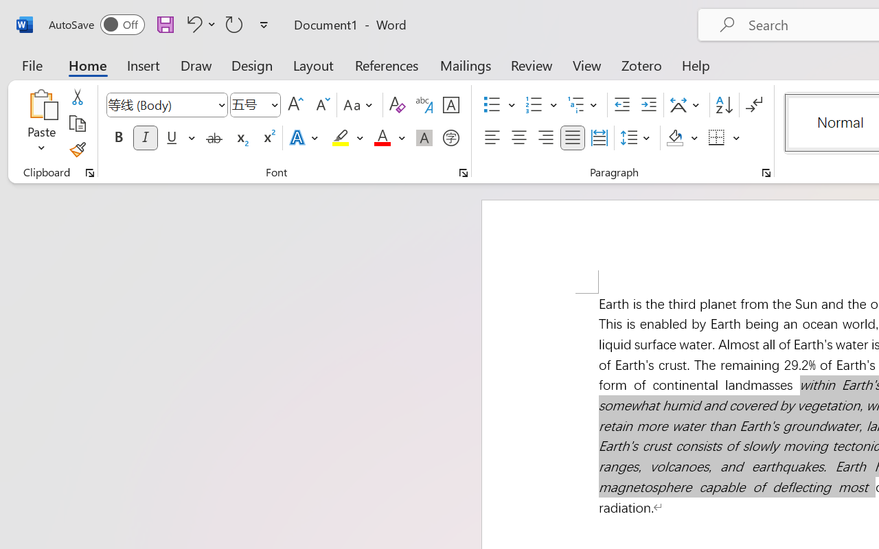  Describe the element at coordinates (341, 138) in the screenshot. I see `'Text Highlight Color Yellow'` at that location.